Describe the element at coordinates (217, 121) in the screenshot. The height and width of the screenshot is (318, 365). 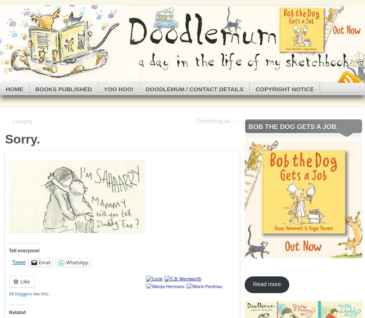
I see `'The thinking hat. →'` at that location.